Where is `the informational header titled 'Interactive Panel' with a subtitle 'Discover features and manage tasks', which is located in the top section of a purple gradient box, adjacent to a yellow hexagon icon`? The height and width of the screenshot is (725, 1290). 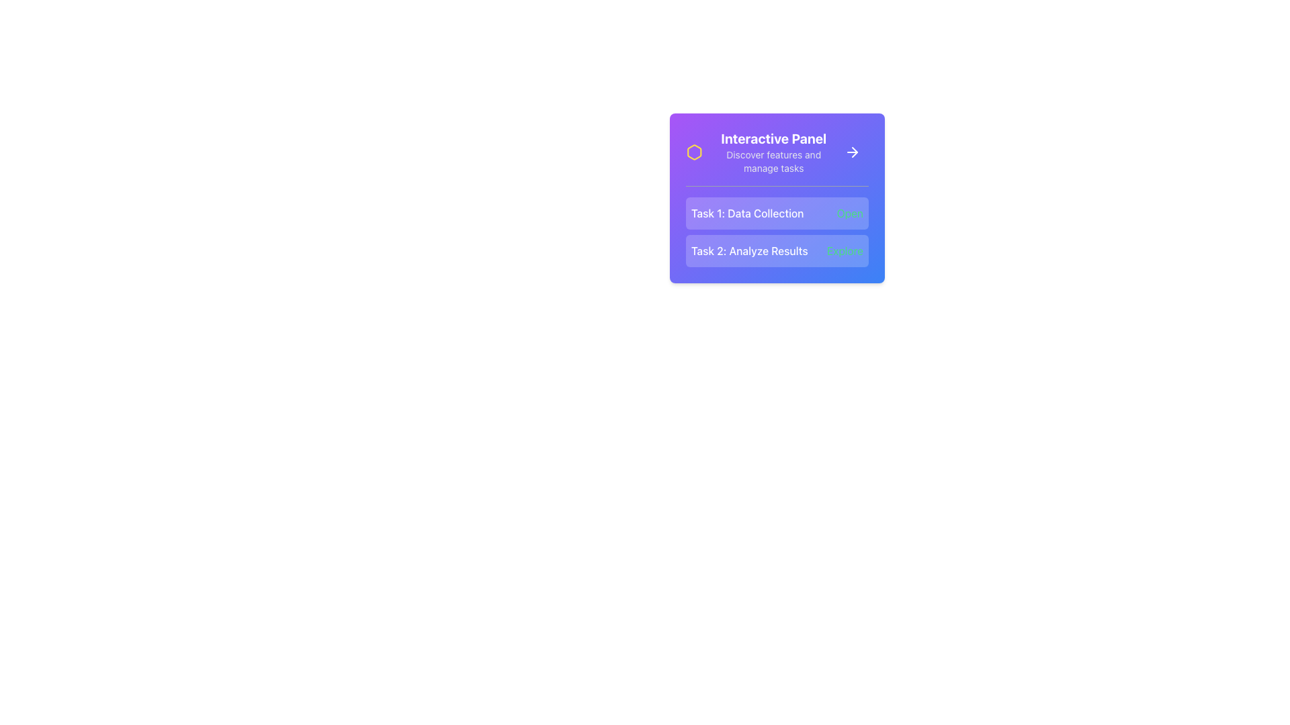
the informational header titled 'Interactive Panel' with a subtitle 'Discover features and manage tasks', which is located in the top section of a purple gradient box, adjacent to a yellow hexagon icon is located at coordinates (761, 152).